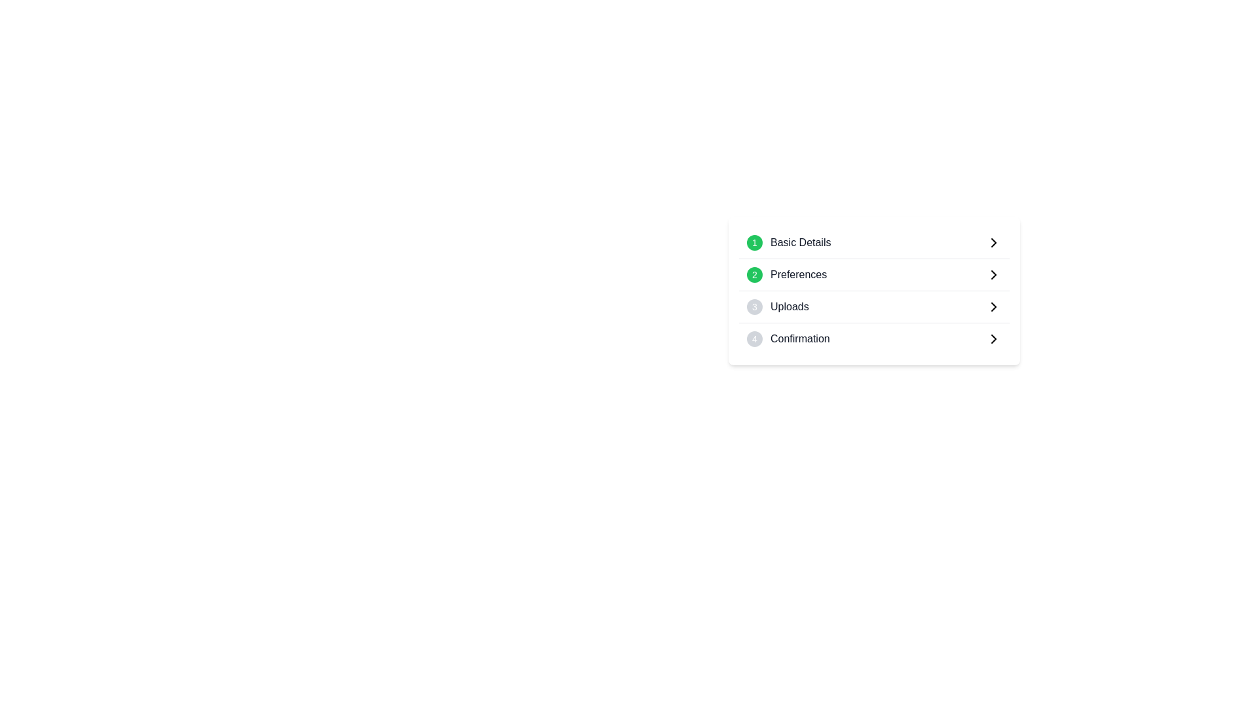 The image size is (1258, 707). Describe the element at coordinates (788, 338) in the screenshot. I see `the fourth step labeled 'Confirmation' in the progress indicator, which is located below the 'Uploads' step in a vertical list` at that location.